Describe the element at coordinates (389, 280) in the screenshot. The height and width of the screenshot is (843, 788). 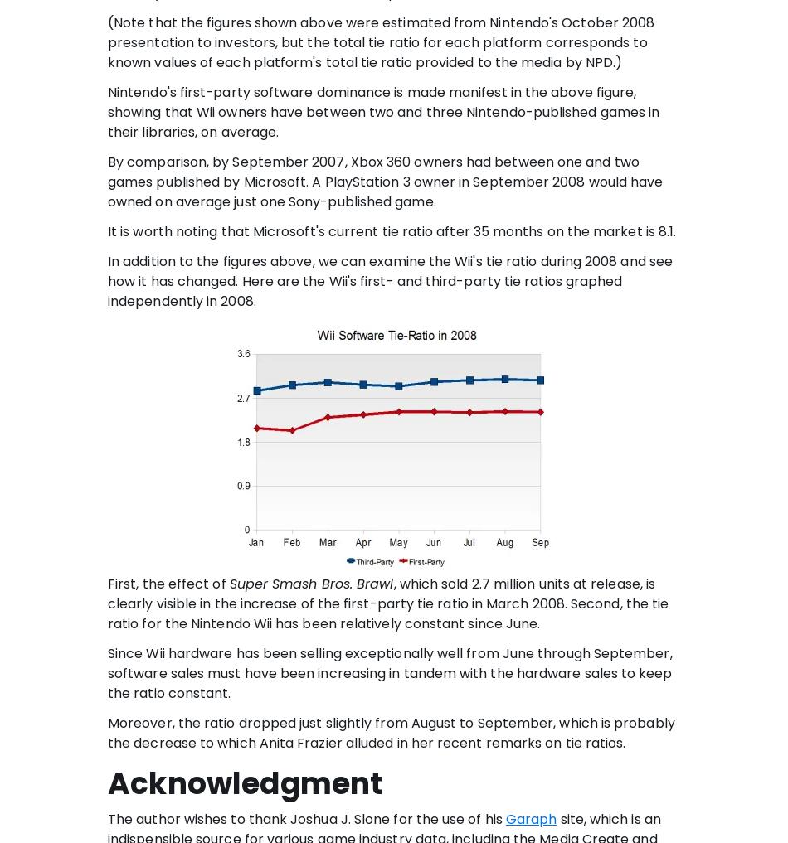
I see `'In addition to the figures above, we can examine the Wii's tie
ratio during 2008 and see how it has changed. Here are the Wii's
first- and third-party tie ratios graphed independently in 2008.'` at that location.